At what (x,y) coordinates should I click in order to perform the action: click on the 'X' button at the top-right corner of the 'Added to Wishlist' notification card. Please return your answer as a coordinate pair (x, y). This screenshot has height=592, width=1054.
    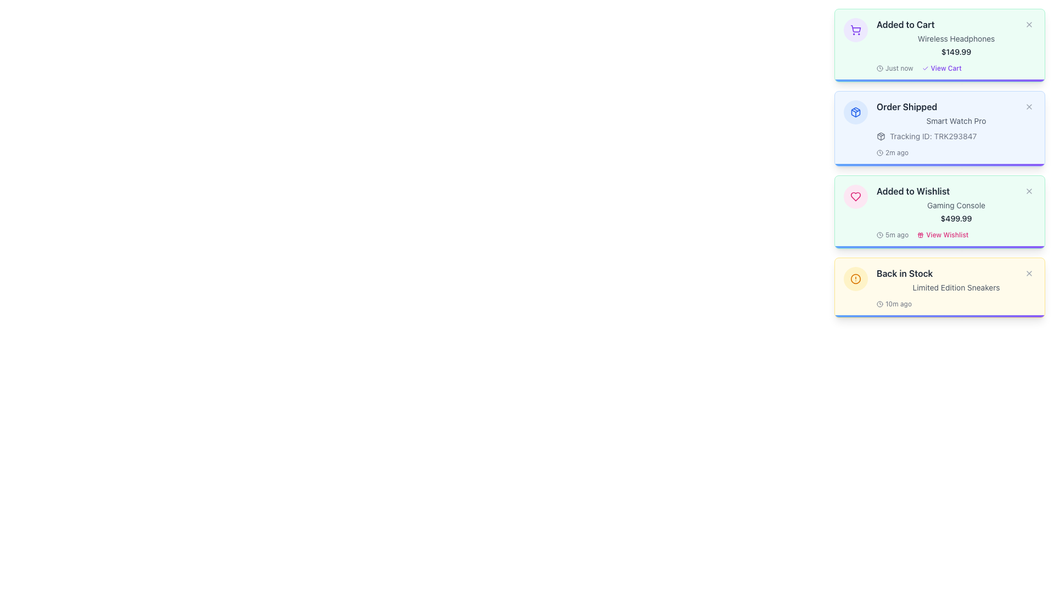
    Looking at the image, I should click on (1029, 190).